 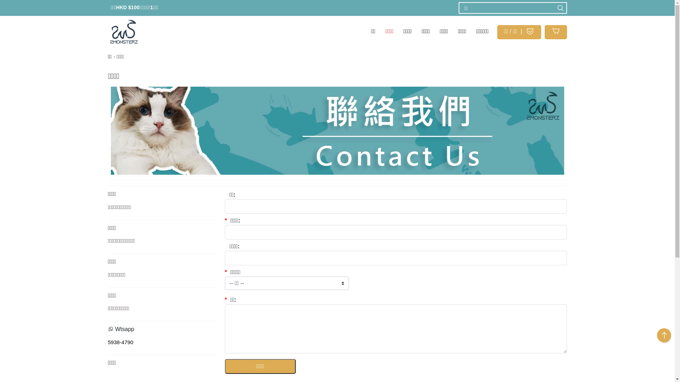 I want to click on '5938-4790', so click(x=120, y=342).